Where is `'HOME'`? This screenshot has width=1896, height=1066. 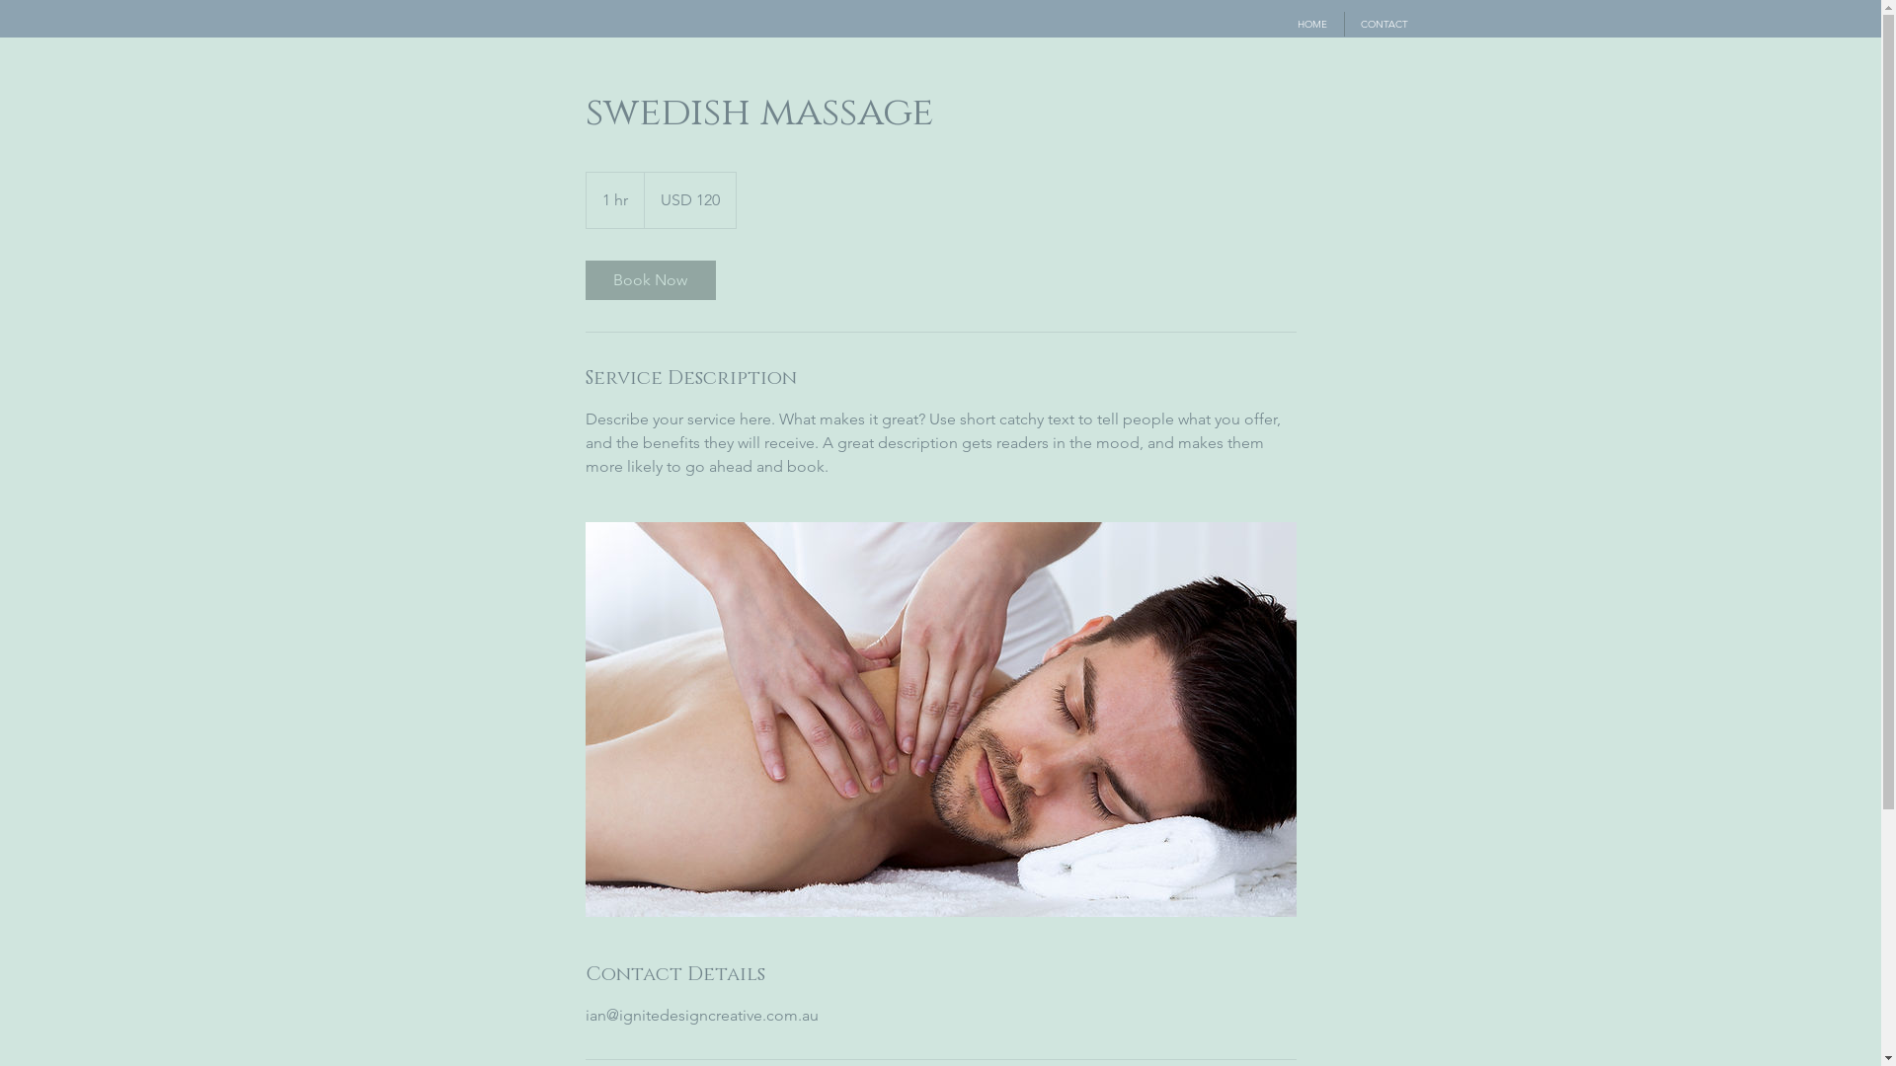
'HOME' is located at coordinates (1311, 24).